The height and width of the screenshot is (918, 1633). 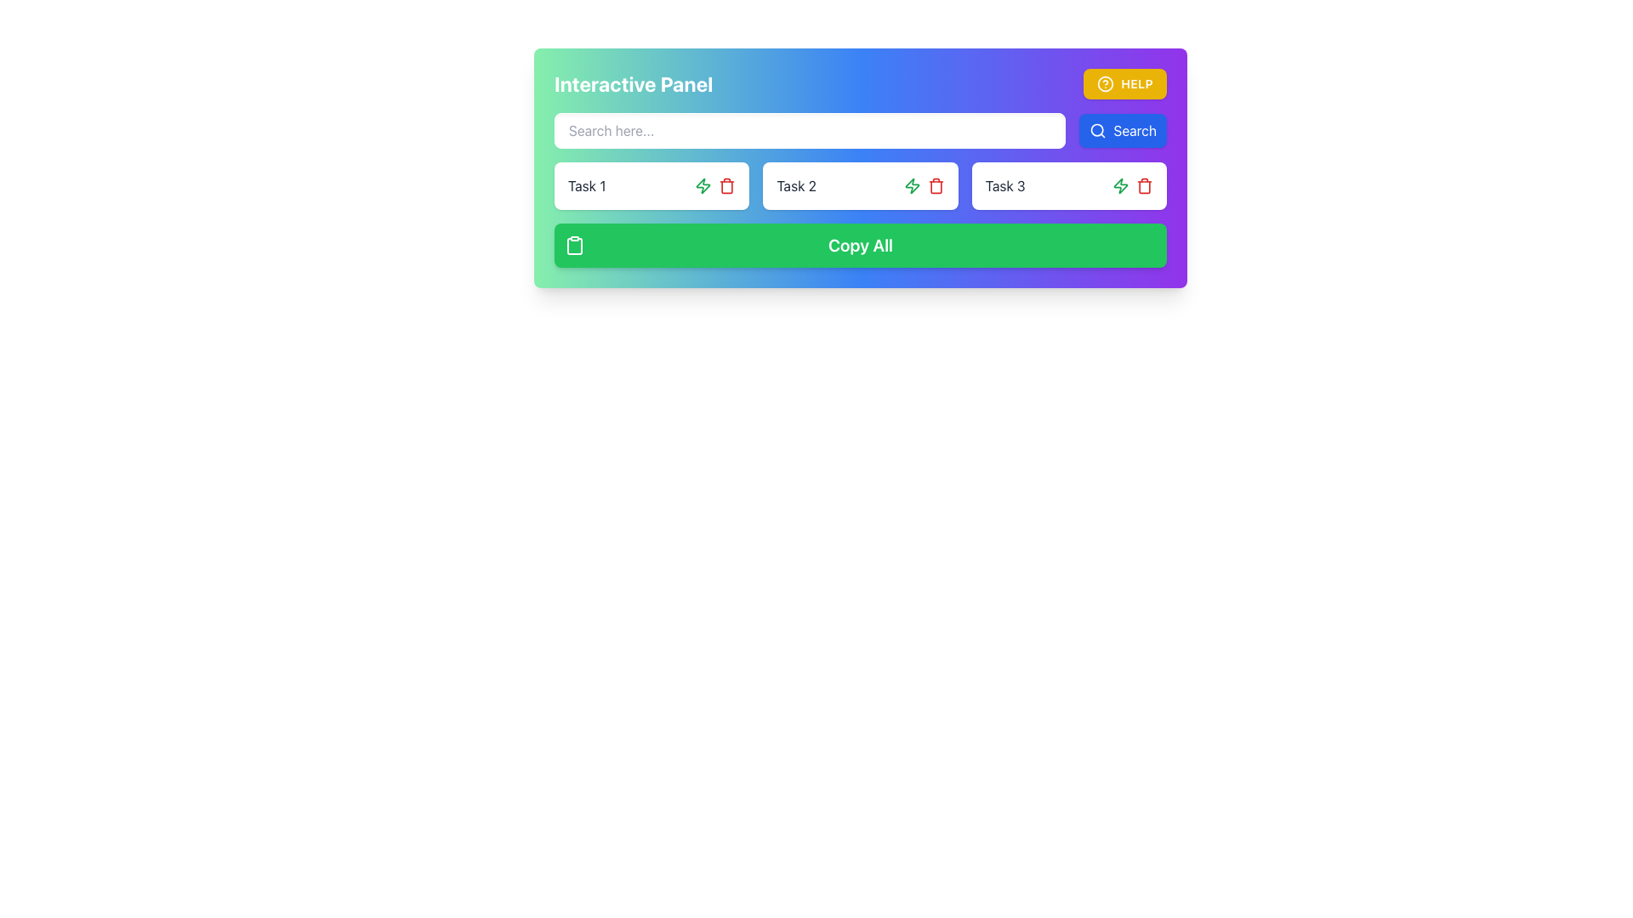 What do you see at coordinates (1120, 186) in the screenshot?
I see `the green lightning bolt icon` at bounding box center [1120, 186].